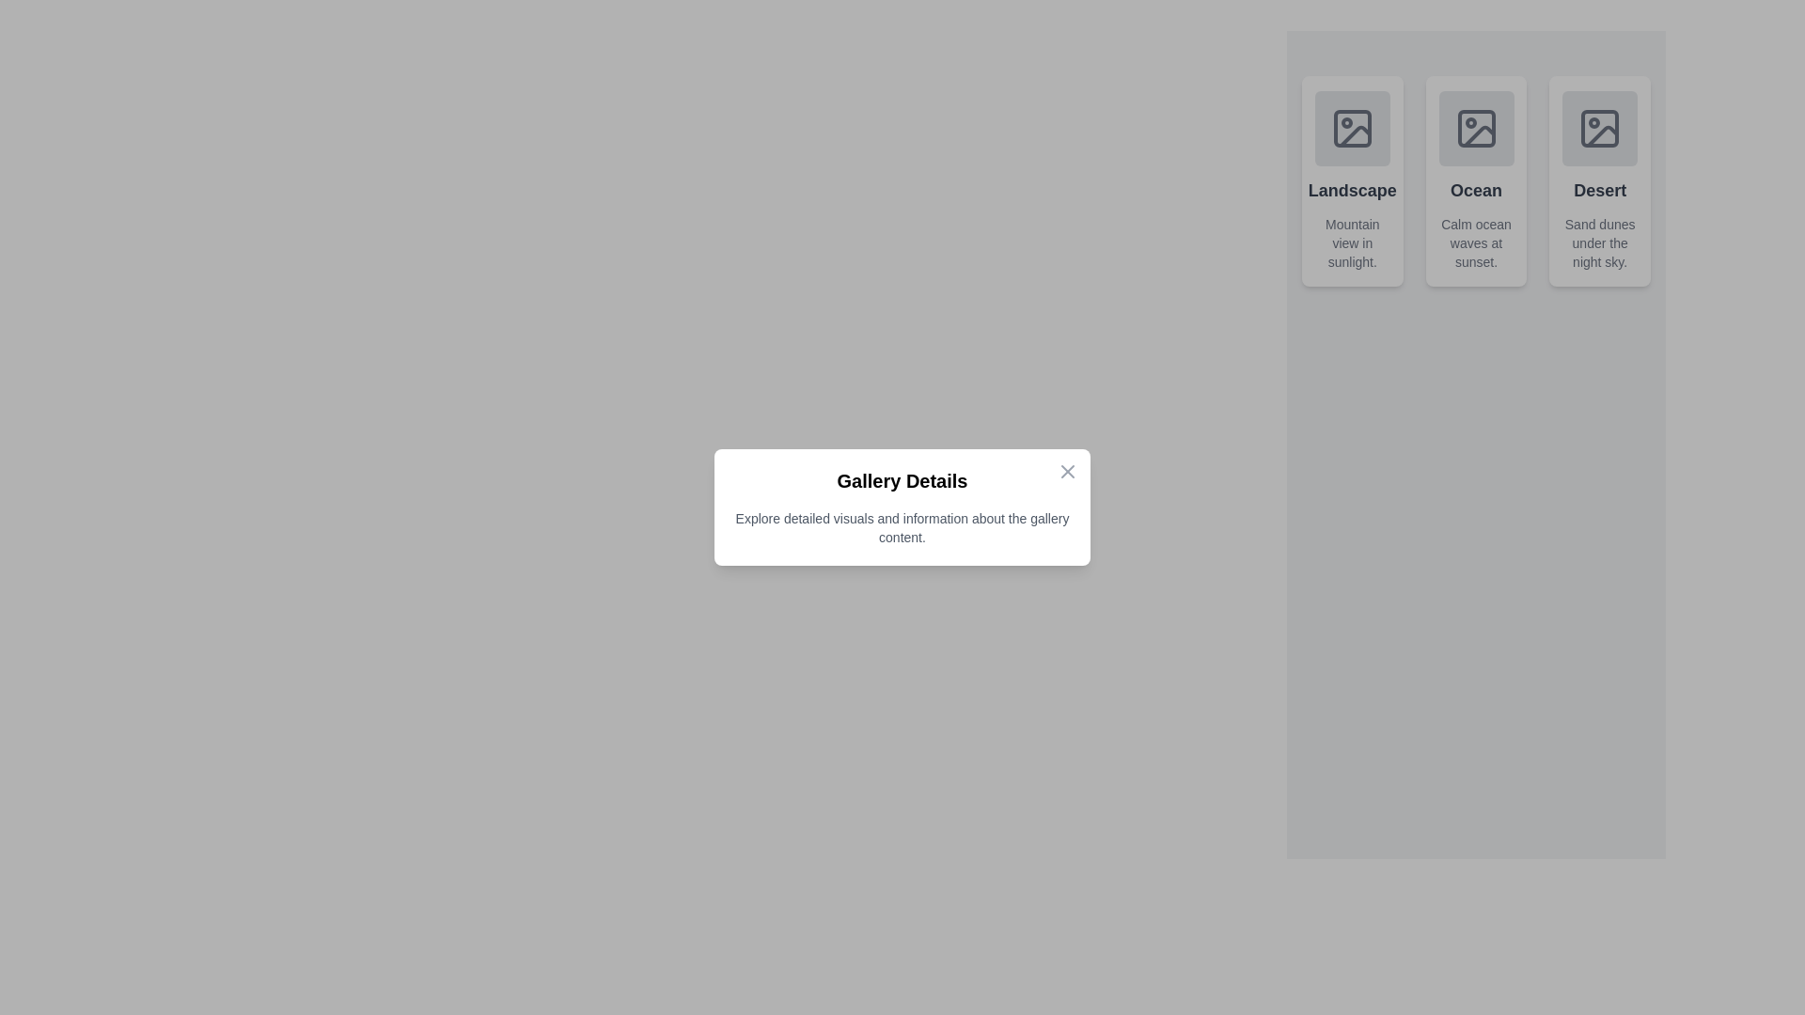 The image size is (1805, 1015). Describe the element at coordinates (1475, 128) in the screenshot. I see `the rectangular subcomponent of the image icon representing the 'Ocean' selection option, located in the middle card of a three-card layout` at that location.